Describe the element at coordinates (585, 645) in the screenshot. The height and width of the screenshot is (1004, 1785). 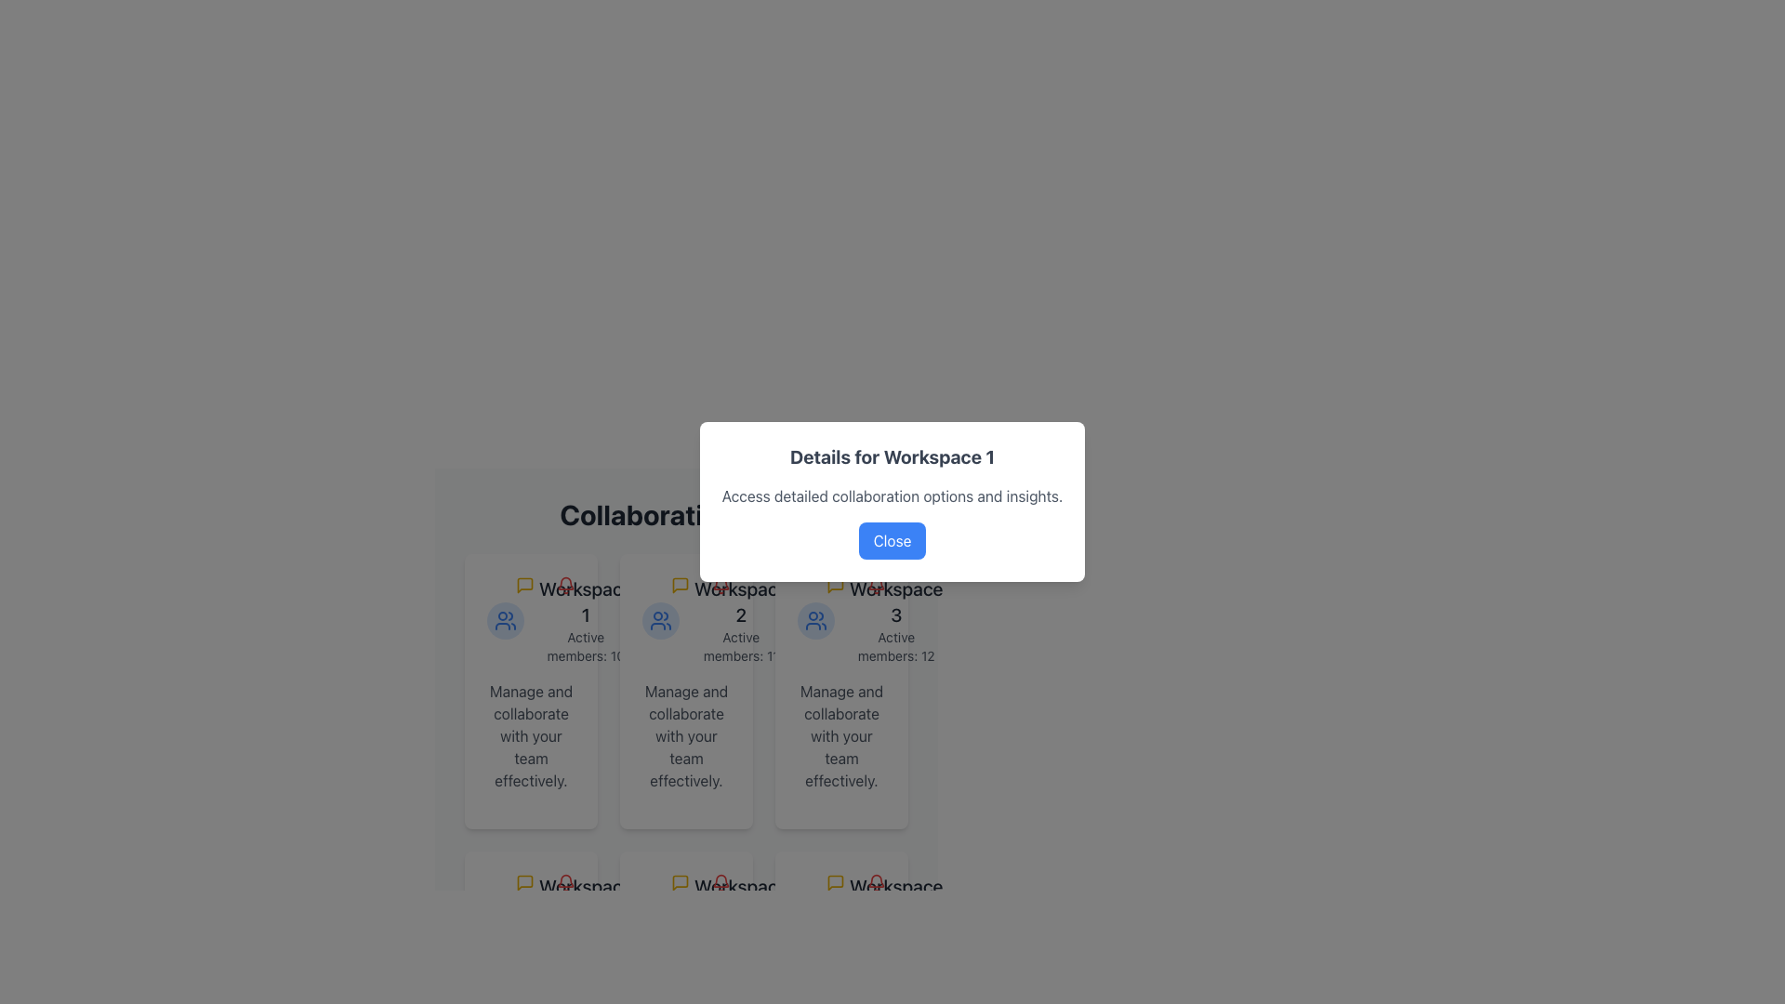
I see `the text label displaying the number of active members associated with 'Workspace 1', which shows 'Active members: 10' below the 'Workspace 1' label in the first workspace card` at that location.